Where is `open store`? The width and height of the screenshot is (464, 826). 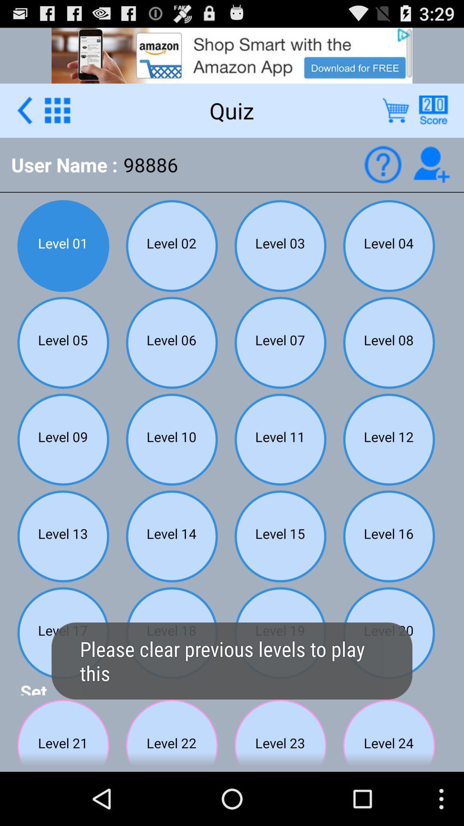 open store is located at coordinates (396, 110).